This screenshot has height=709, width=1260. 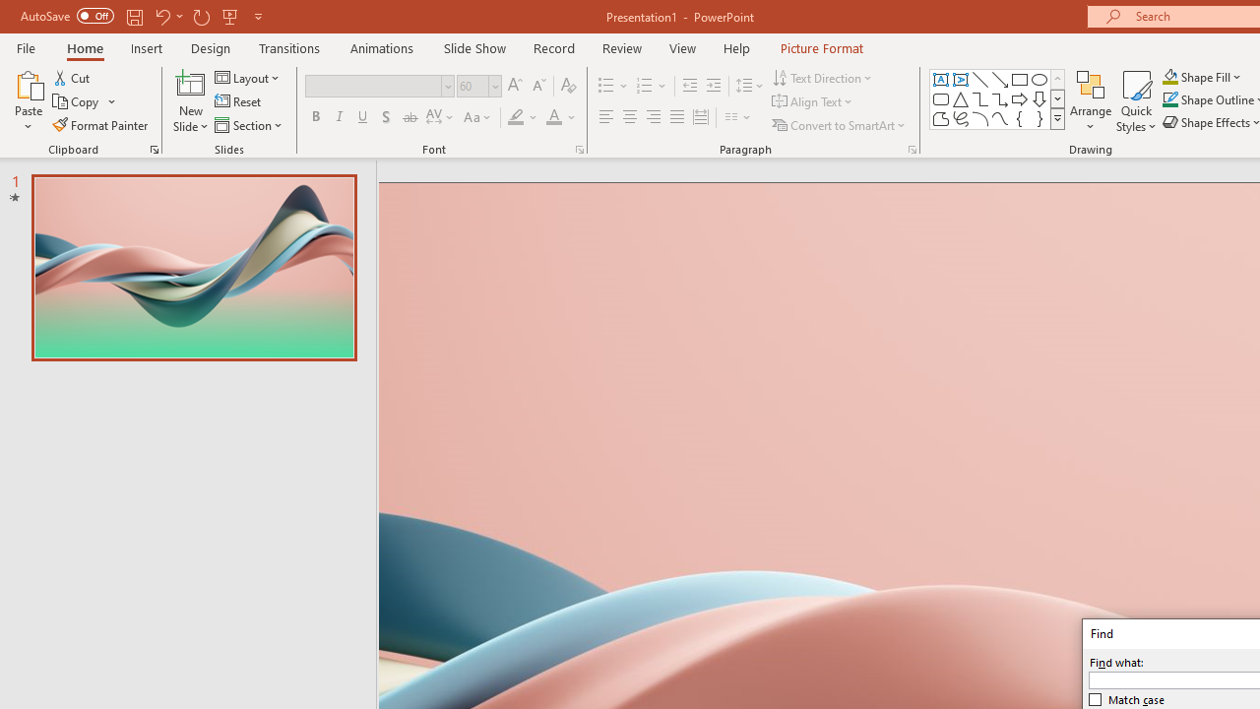 I want to click on 'Isosceles Triangle', so click(x=961, y=98).